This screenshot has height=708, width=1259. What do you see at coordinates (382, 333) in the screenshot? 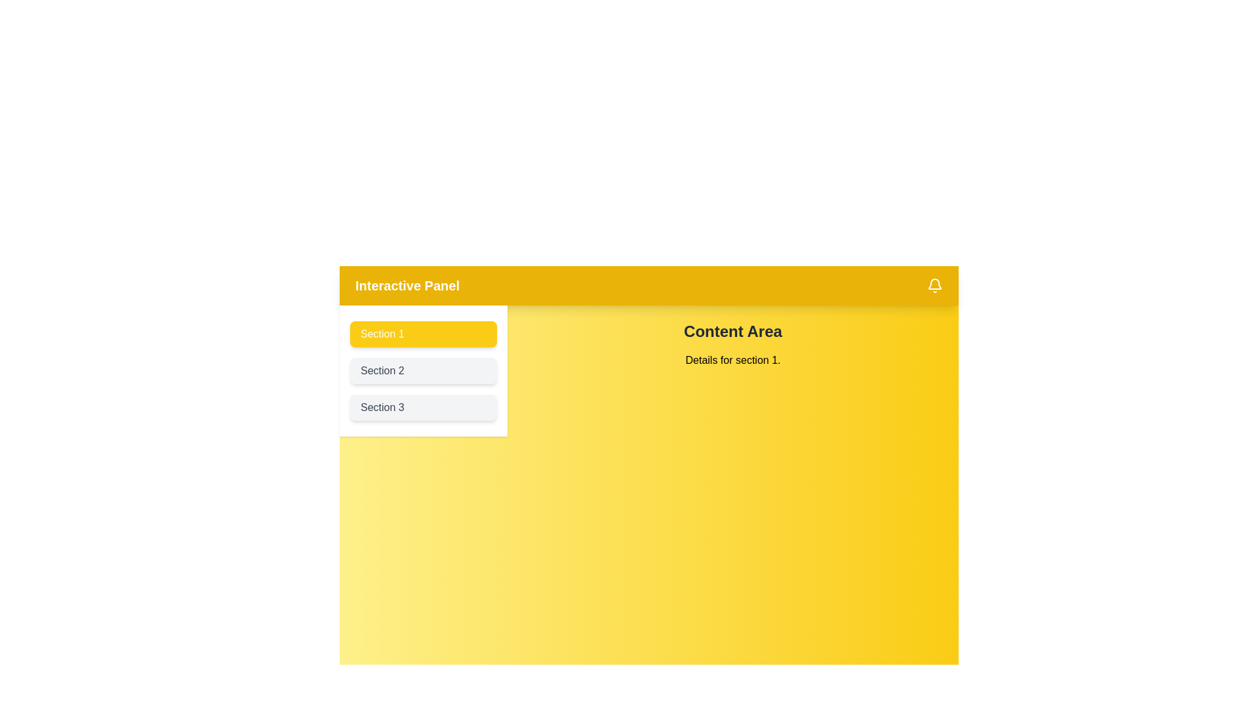
I see `text content of the label displaying 'Section 1', which is styled with a bold white font on a yellow background and located at the top of the first section in a vertical list within a left menu panel` at bounding box center [382, 333].